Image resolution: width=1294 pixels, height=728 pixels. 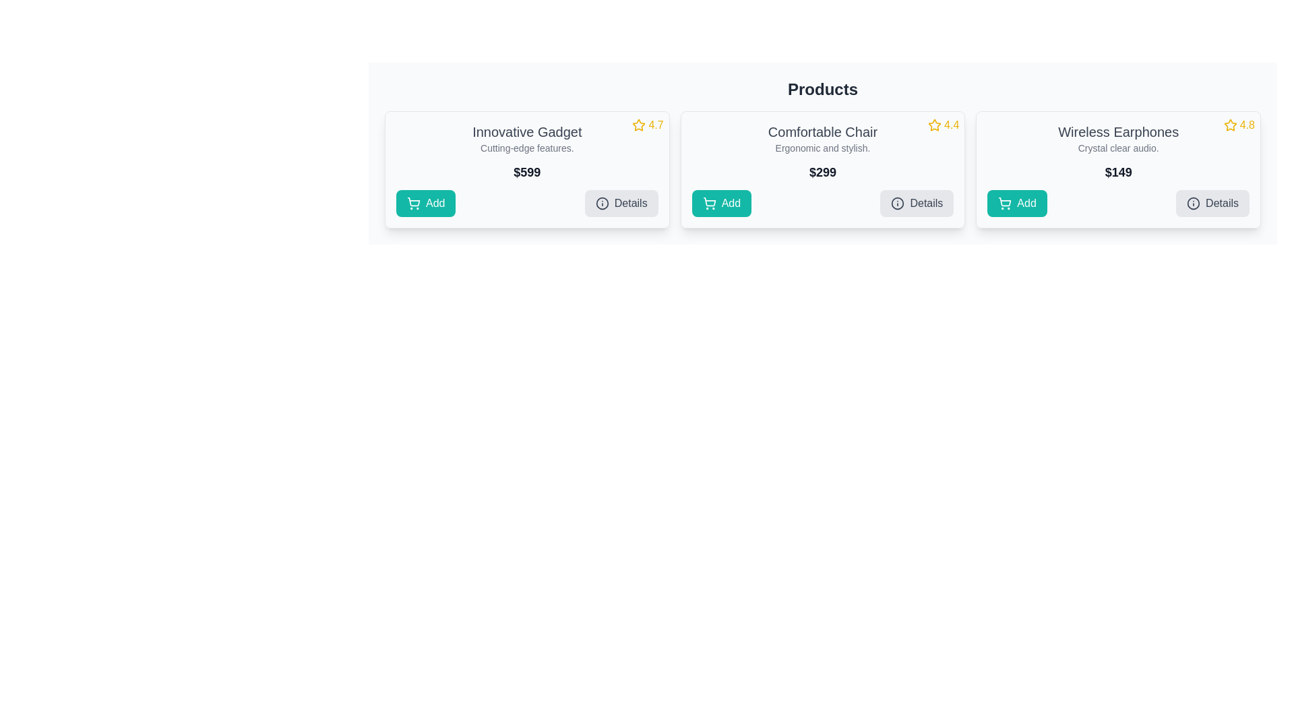 What do you see at coordinates (1194, 203) in the screenshot?
I see `the icon representing additional information within the 'Details' button located at the bottom right section of the 'Wireless Earphones' card` at bounding box center [1194, 203].